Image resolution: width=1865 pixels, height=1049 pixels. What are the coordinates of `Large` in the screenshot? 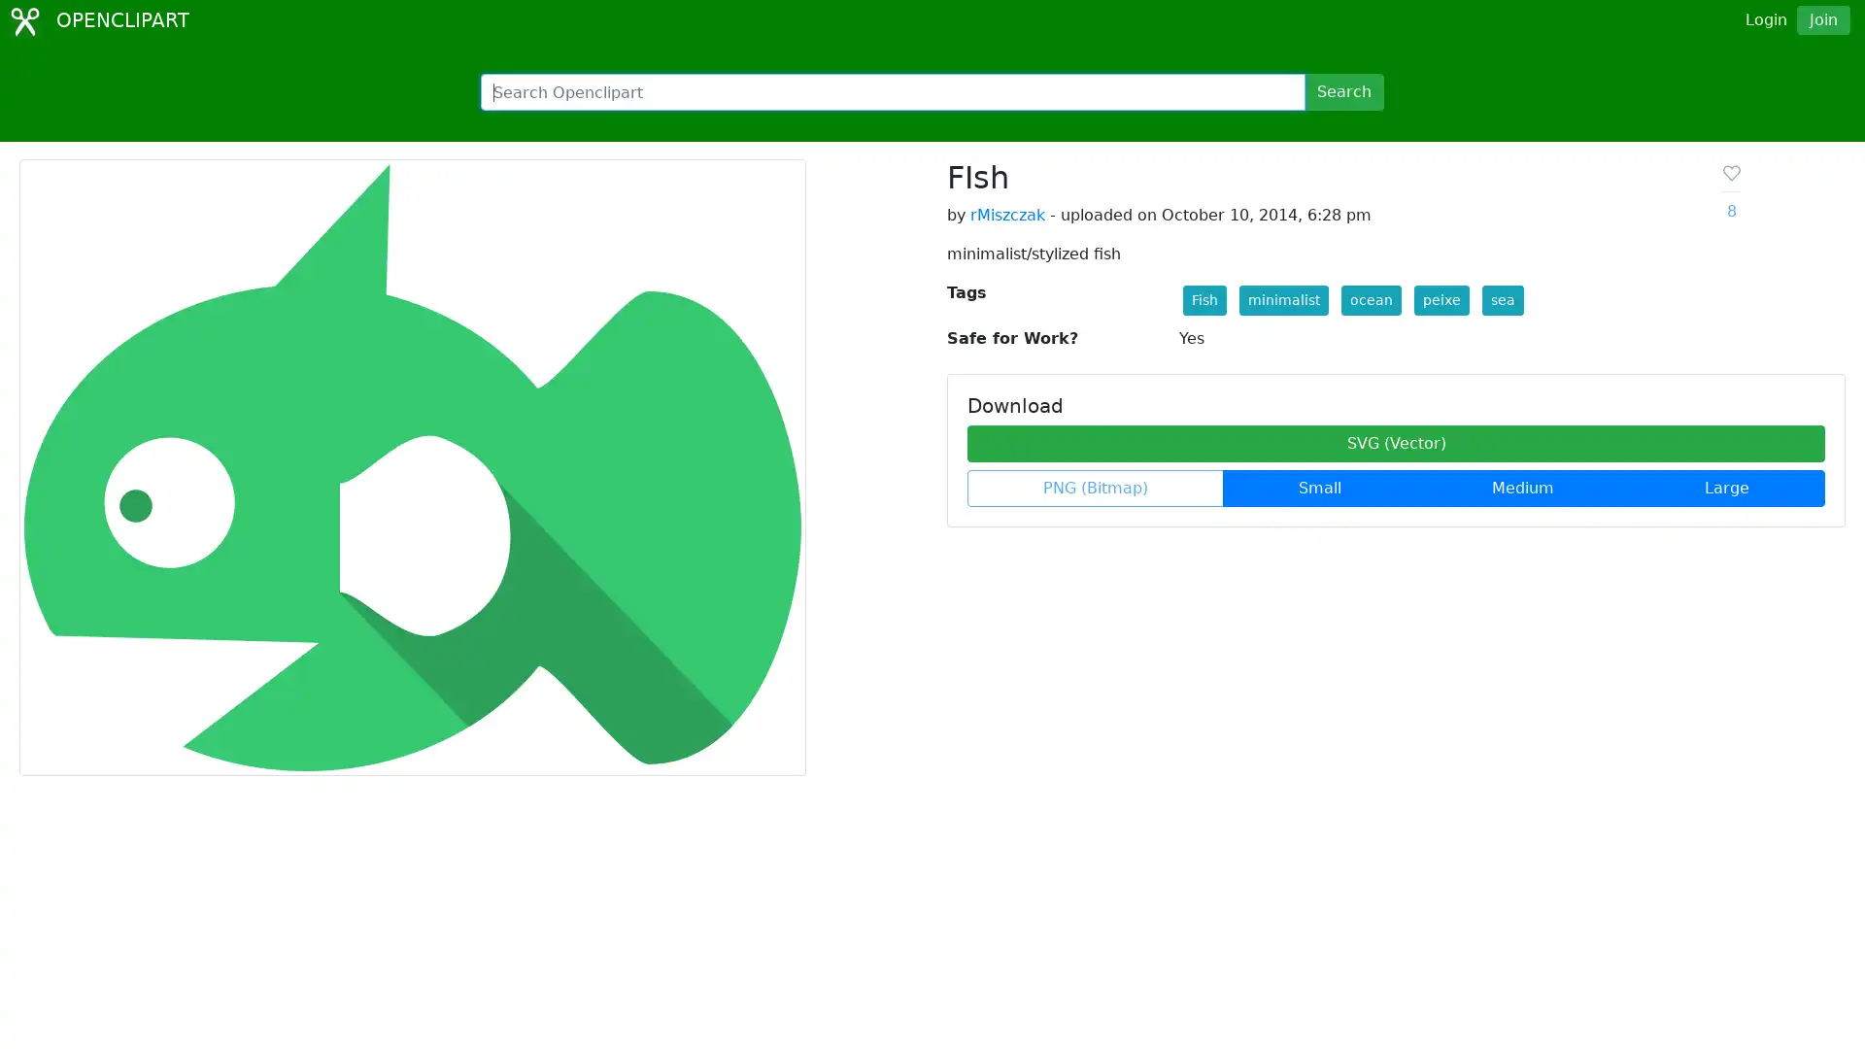 It's located at (1726, 487).